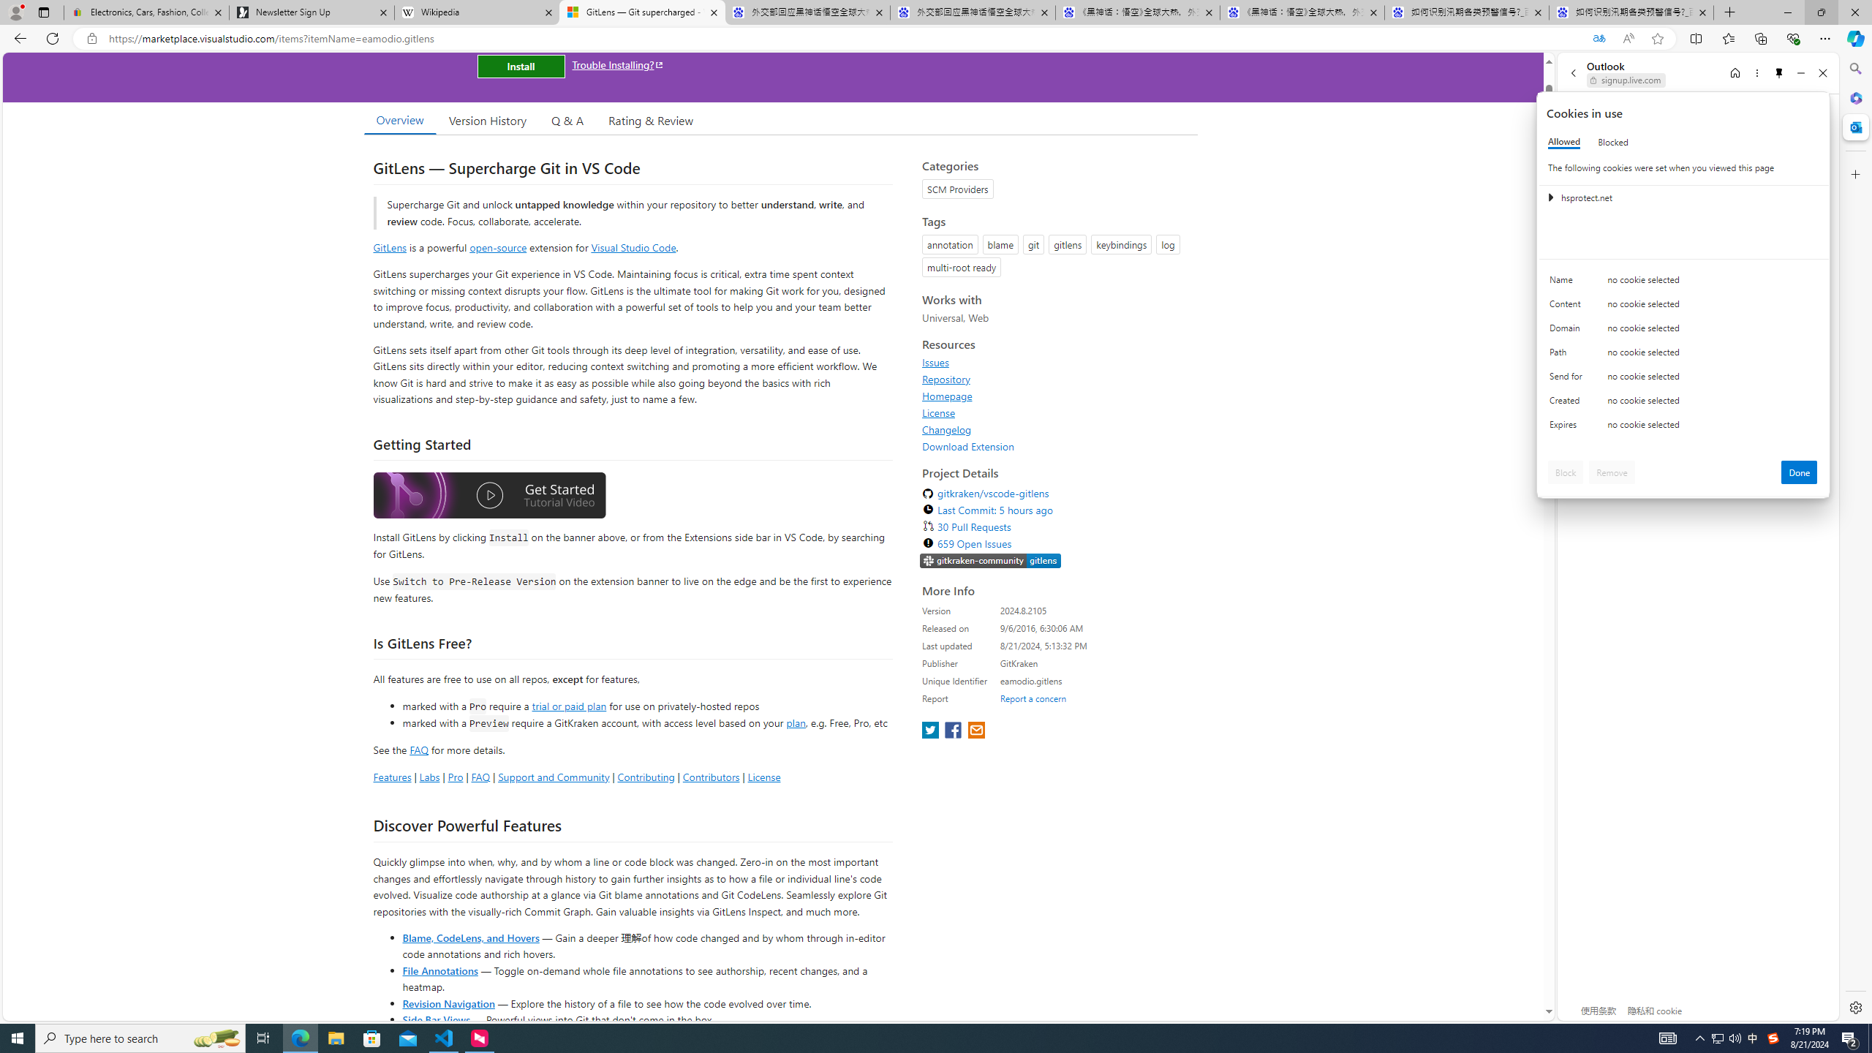 The width and height of the screenshot is (1872, 1053). What do you see at coordinates (1563, 142) in the screenshot?
I see `'Allowed'` at bounding box center [1563, 142].